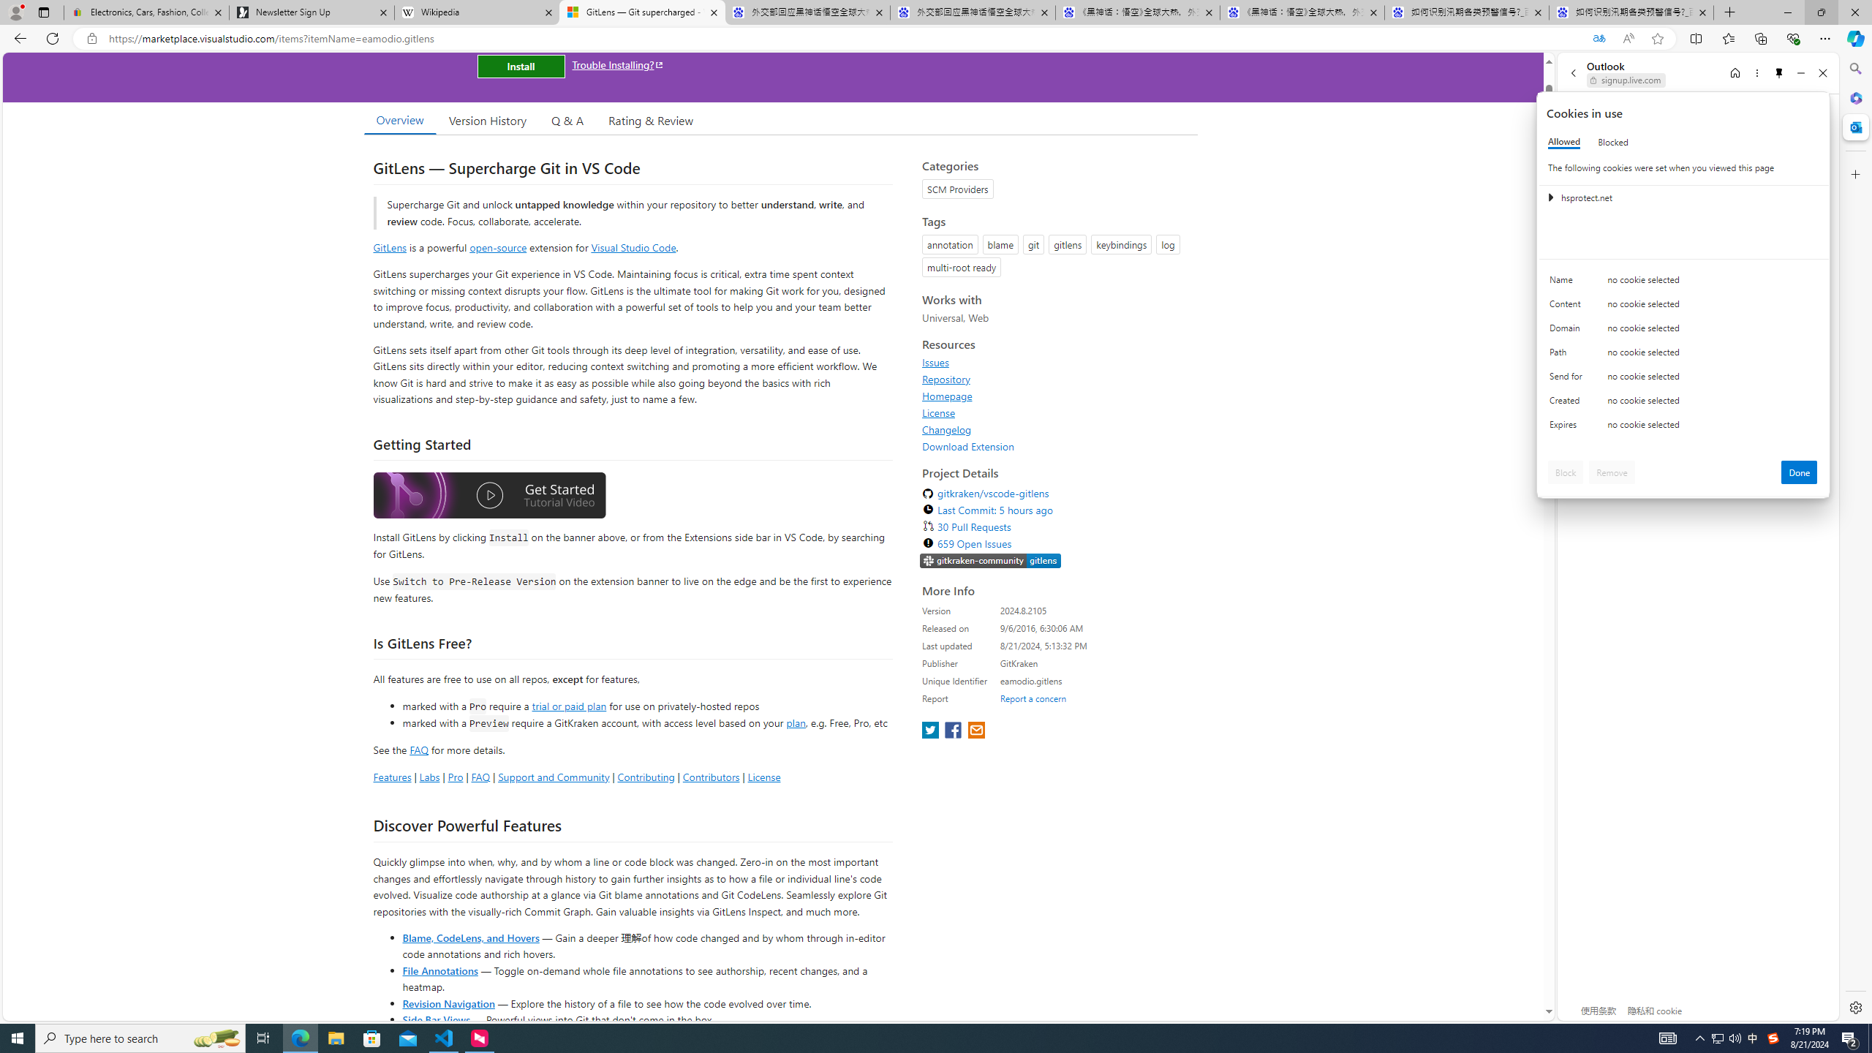 The width and height of the screenshot is (1872, 1053). What do you see at coordinates (1563, 142) in the screenshot?
I see `'Allowed'` at bounding box center [1563, 142].